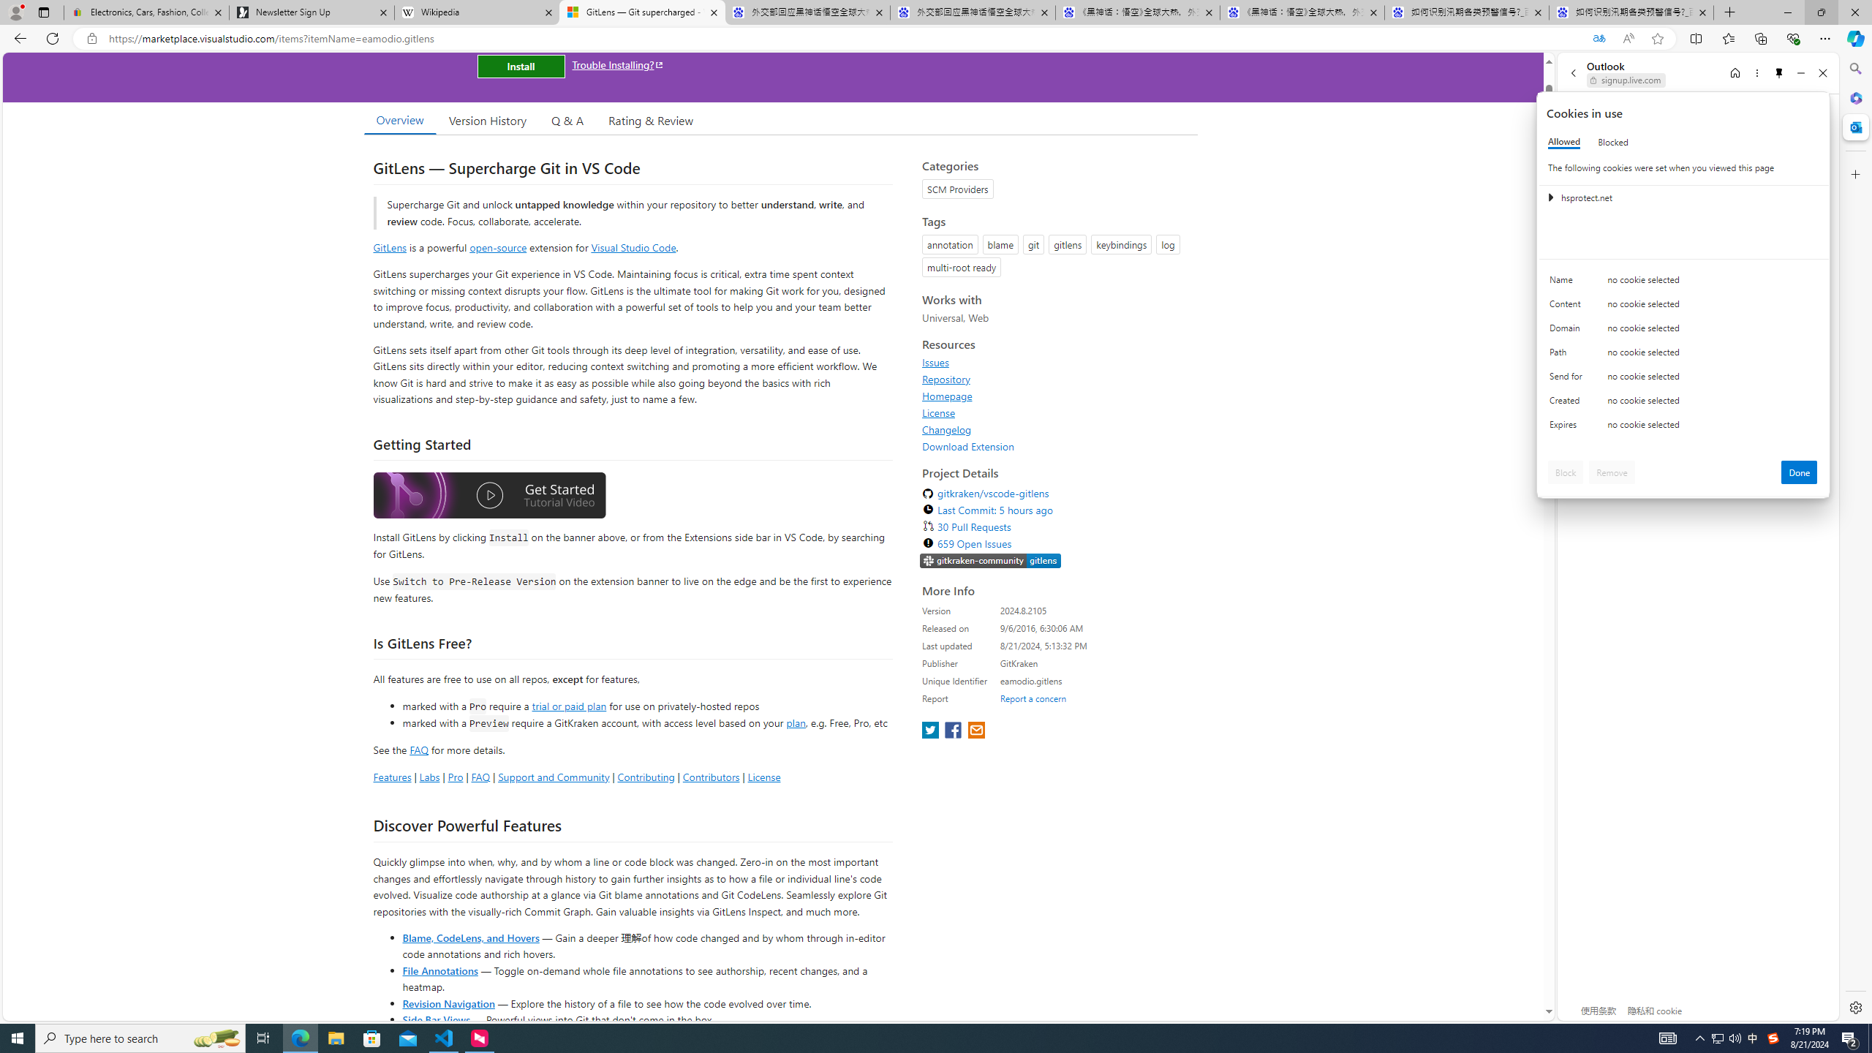 The width and height of the screenshot is (1872, 1053). What do you see at coordinates (1563, 142) in the screenshot?
I see `'Allowed'` at bounding box center [1563, 142].